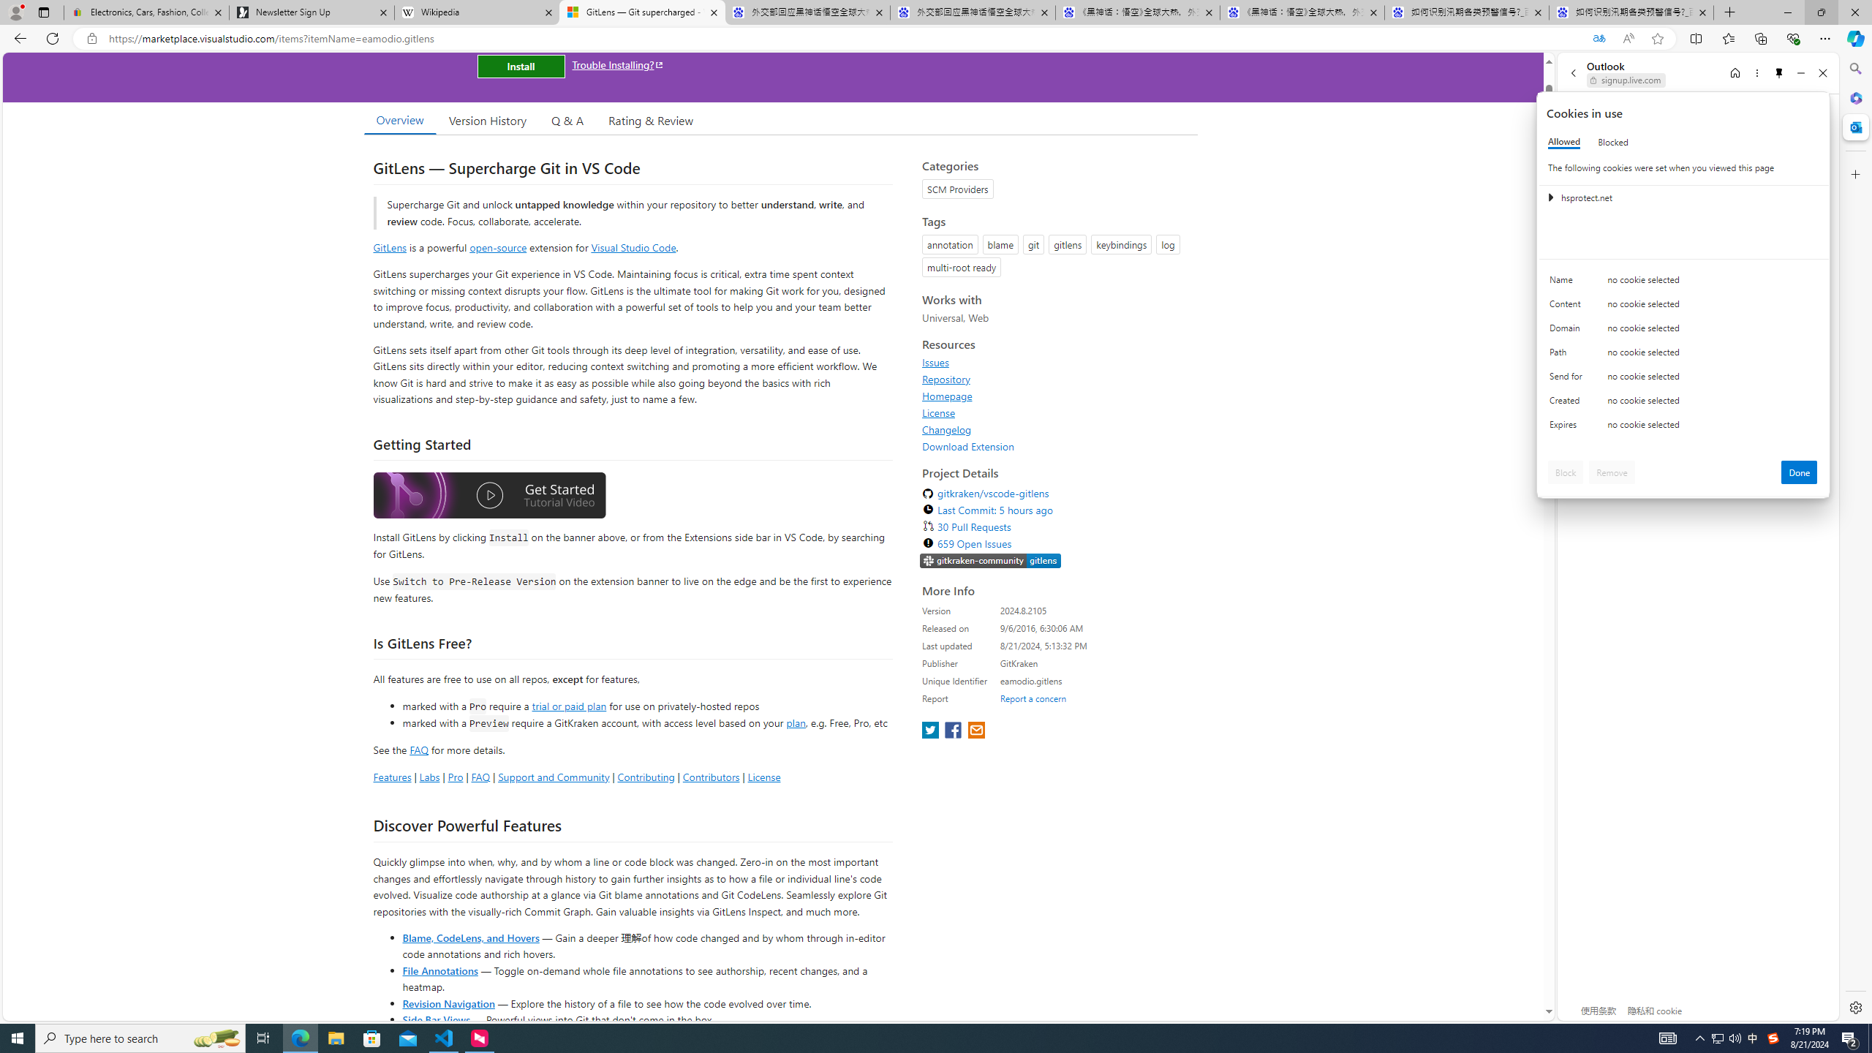 The width and height of the screenshot is (1872, 1053). What do you see at coordinates (1563, 142) in the screenshot?
I see `'Allowed'` at bounding box center [1563, 142].